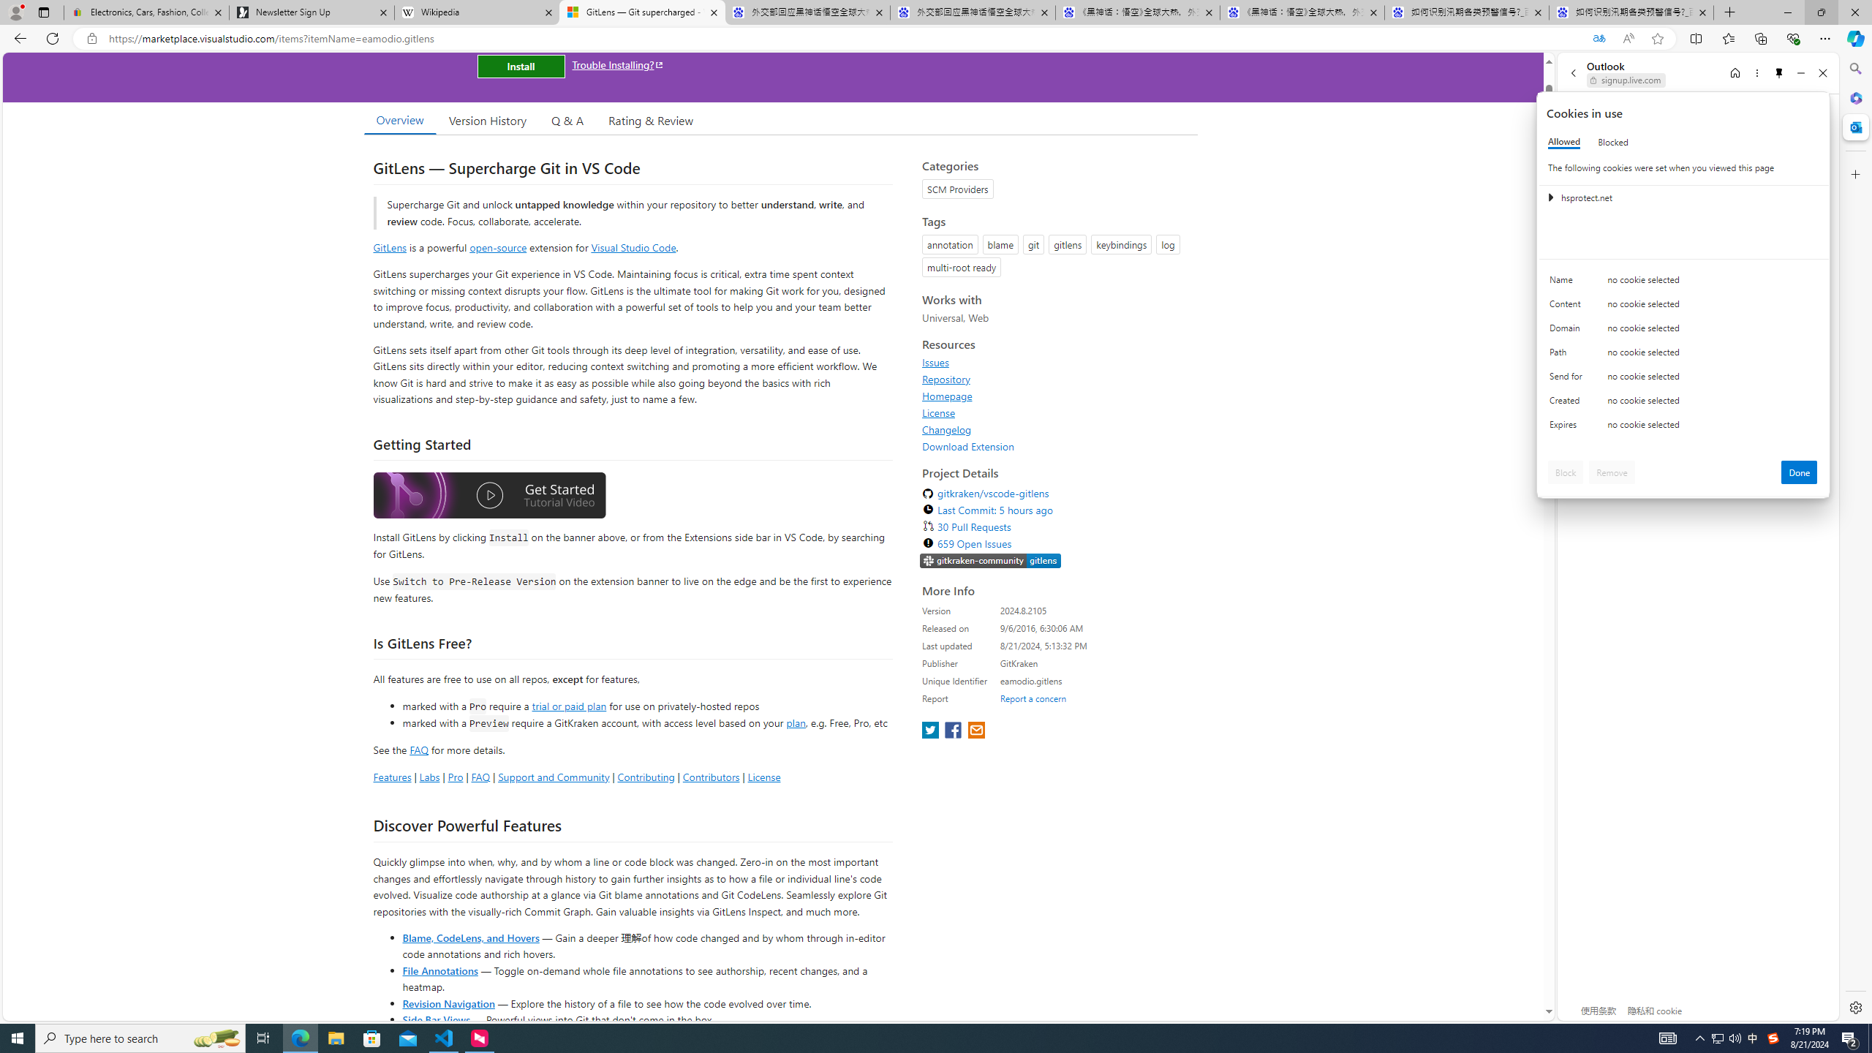 The width and height of the screenshot is (1872, 1053). What do you see at coordinates (1563, 142) in the screenshot?
I see `'Allowed'` at bounding box center [1563, 142].